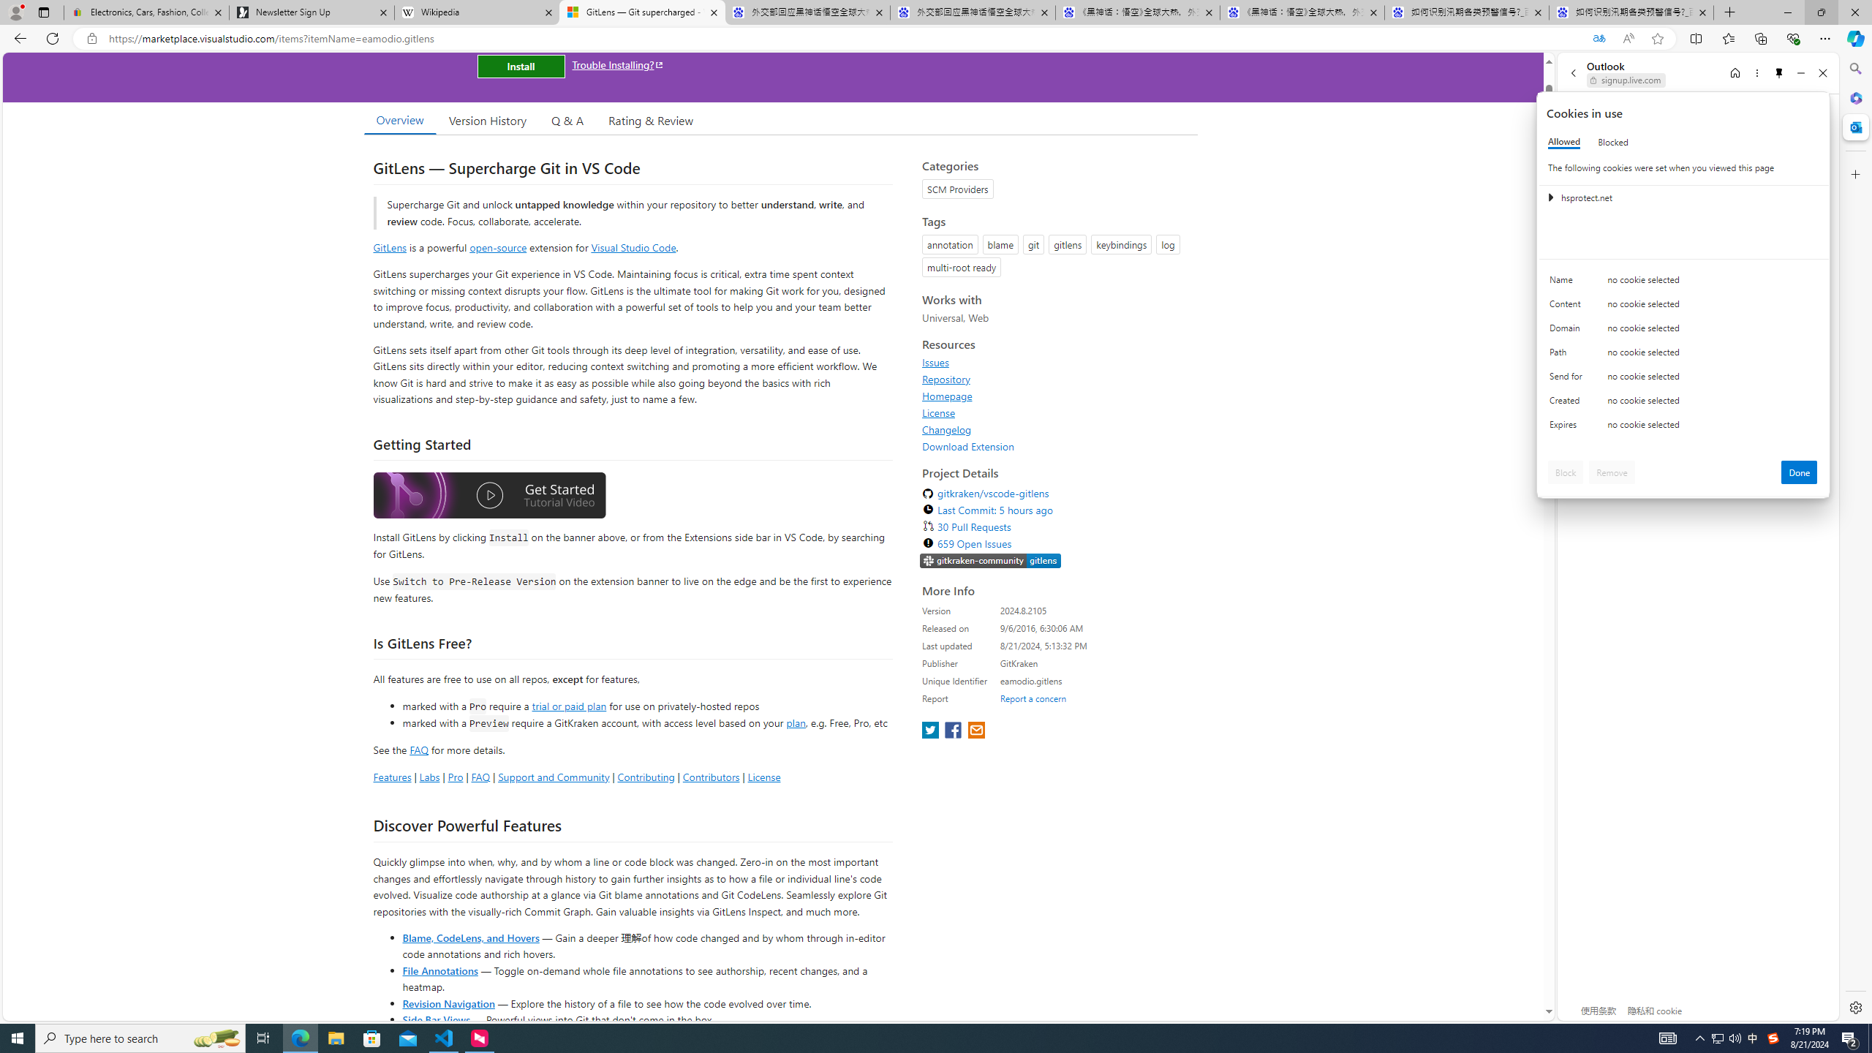 The width and height of the screenshot is (1872, 1053). What do you see at coordinates (1563, 142) in the screenshot?
I see `'Allowed'` at bounding box center [1563, 142].